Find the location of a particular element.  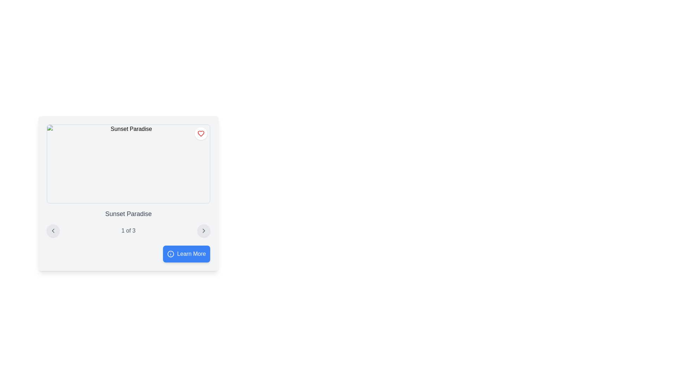

the navigational button located on the far left side below the 'Sunset Paradise' section is located at coordinates (52, 230).